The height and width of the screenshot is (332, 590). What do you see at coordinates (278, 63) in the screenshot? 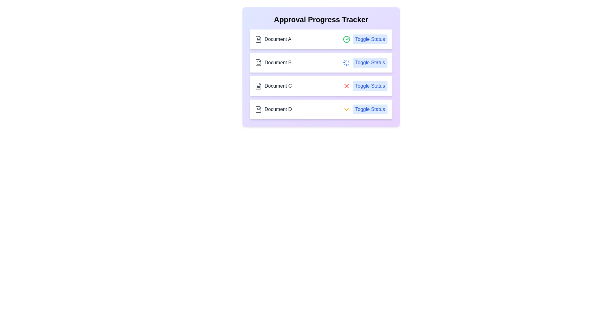
I see `the second text label, 'Document B', in the 'Approval Progress Tracker' list` at bounding box center [278, 63].